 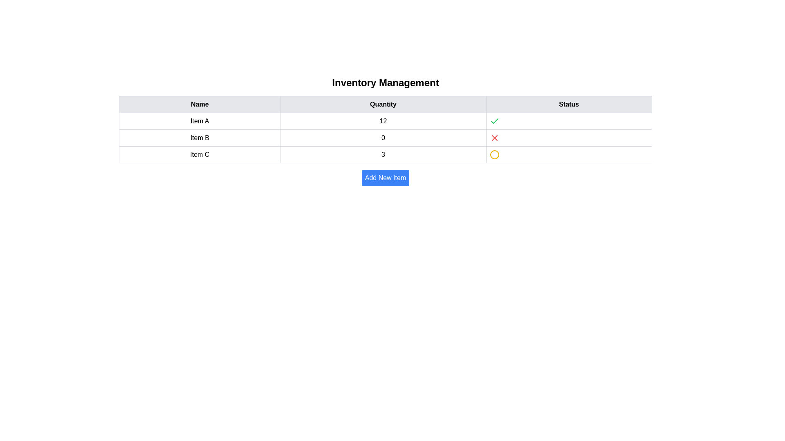 What do you see at coordinates (383, 154) in the screenshot?
I see `the static text element displaying '3', which is styled with a border and padding, located under the 'Quantity' header in the table row labeled 'Item C'` at bounding box center [383, 154].